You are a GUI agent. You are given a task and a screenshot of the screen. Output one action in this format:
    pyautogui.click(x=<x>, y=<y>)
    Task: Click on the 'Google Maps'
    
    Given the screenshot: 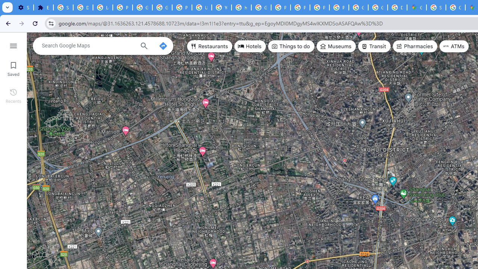 What is the action you would take?
    pyautogui.click(x=416, y=7)
    